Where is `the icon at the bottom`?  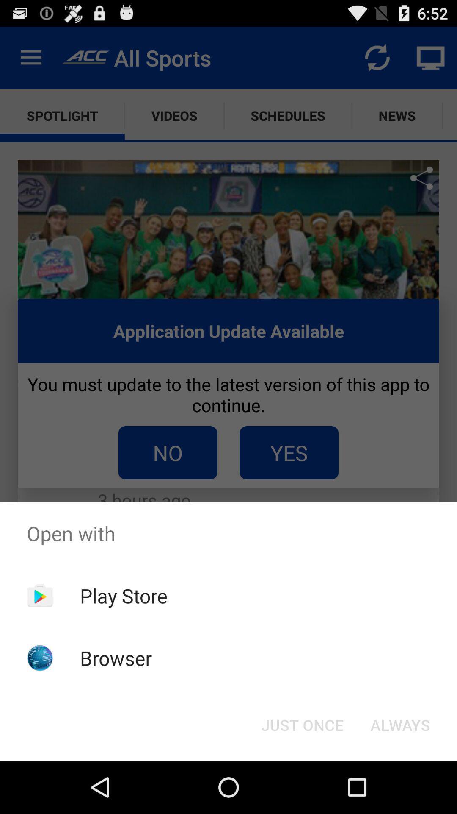
the icon at the bottom is located at coordinates (302, 724).